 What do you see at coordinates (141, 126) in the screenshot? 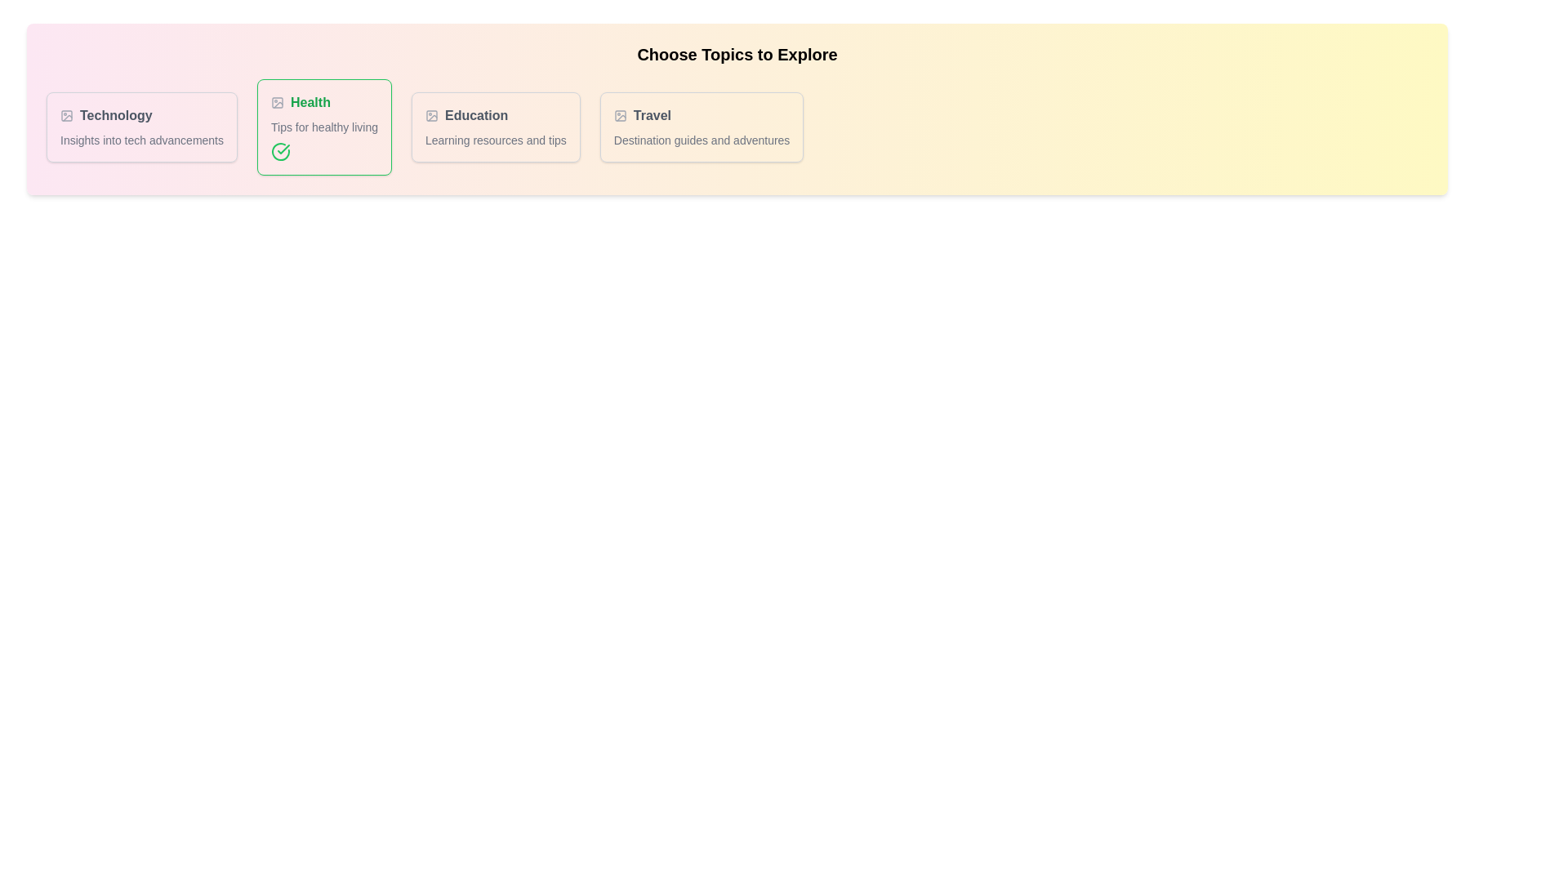
I see `the tag named Technology to toggle its active state` at bounding box center [141, 126].